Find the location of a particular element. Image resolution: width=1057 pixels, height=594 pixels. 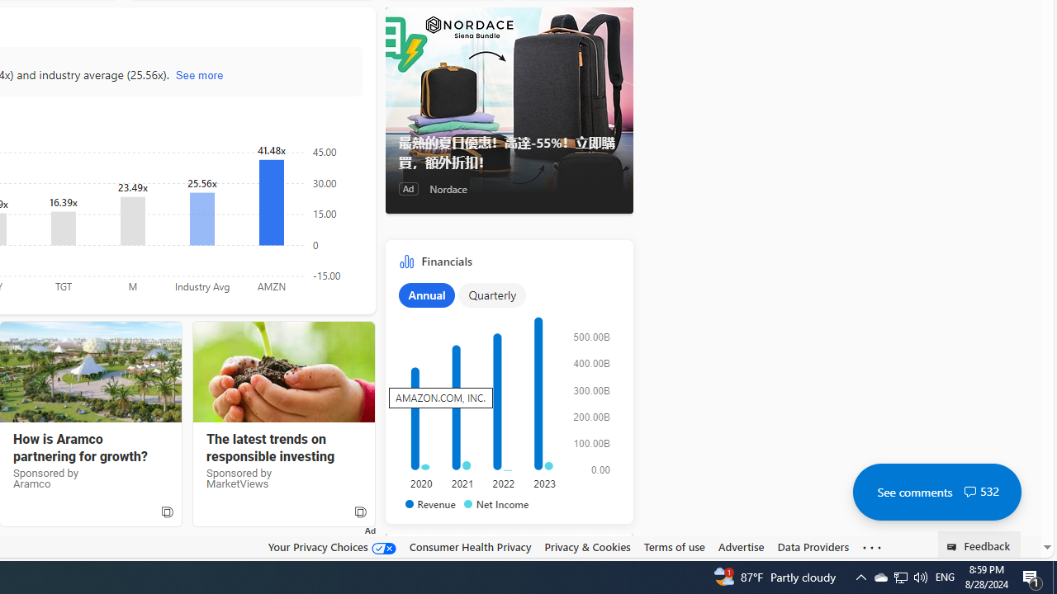

'Consumer Health Privacy' is located at coordinates (469, 546).